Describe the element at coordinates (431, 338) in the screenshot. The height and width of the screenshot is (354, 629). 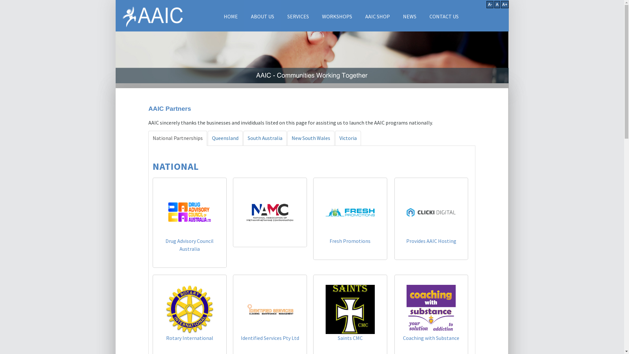
I see `'Coaching with Substance'` at that location.